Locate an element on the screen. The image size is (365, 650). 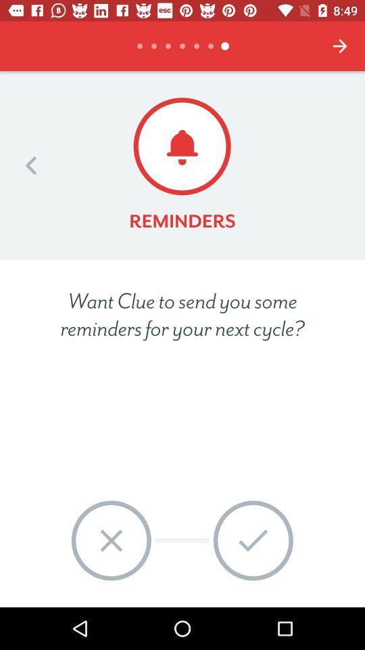
the icon at the top right corner is located at coordinates (339, 46).